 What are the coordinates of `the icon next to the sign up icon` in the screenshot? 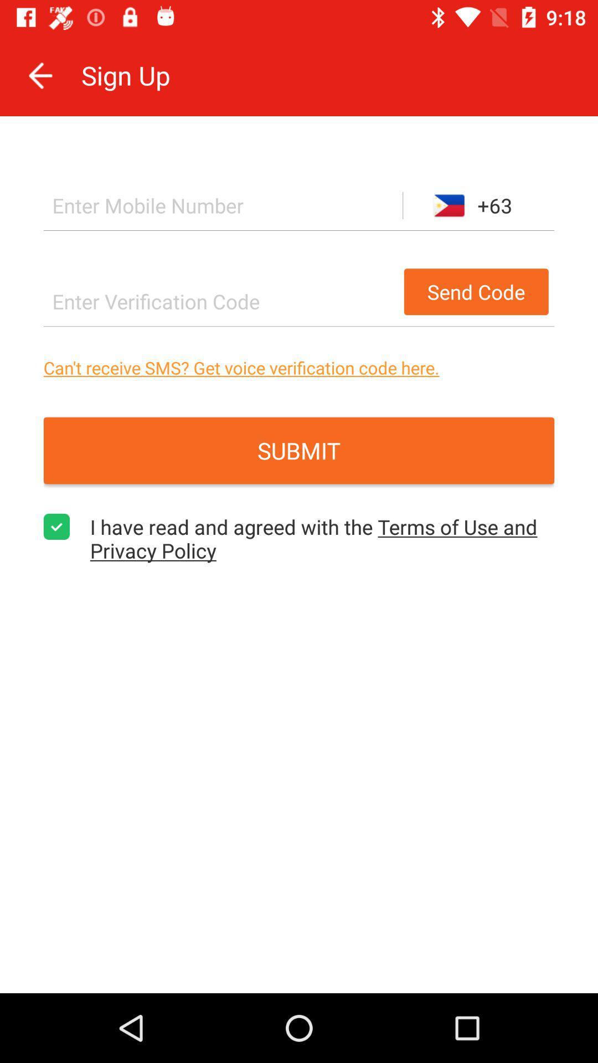 It's located at (40, 75).